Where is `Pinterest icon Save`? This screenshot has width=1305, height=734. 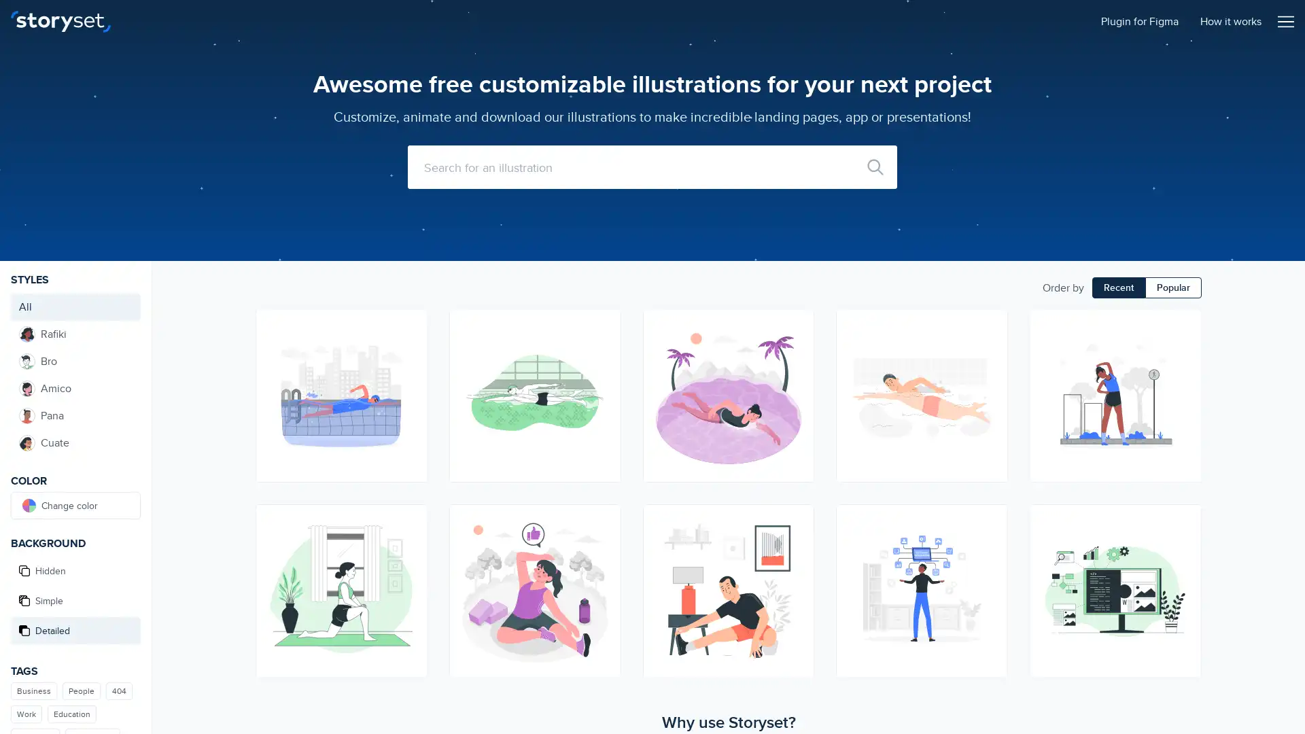 Pinterest icon Save is located at coordinates (409, 569).